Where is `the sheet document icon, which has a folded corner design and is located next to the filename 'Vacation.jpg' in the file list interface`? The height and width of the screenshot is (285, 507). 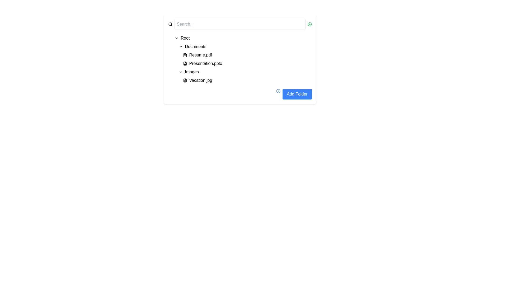
the sheet document icon, which has a folded corner design and is located next to the filename 'Vacation.jpg' in the file list interface is located at coordinates (185, 80).